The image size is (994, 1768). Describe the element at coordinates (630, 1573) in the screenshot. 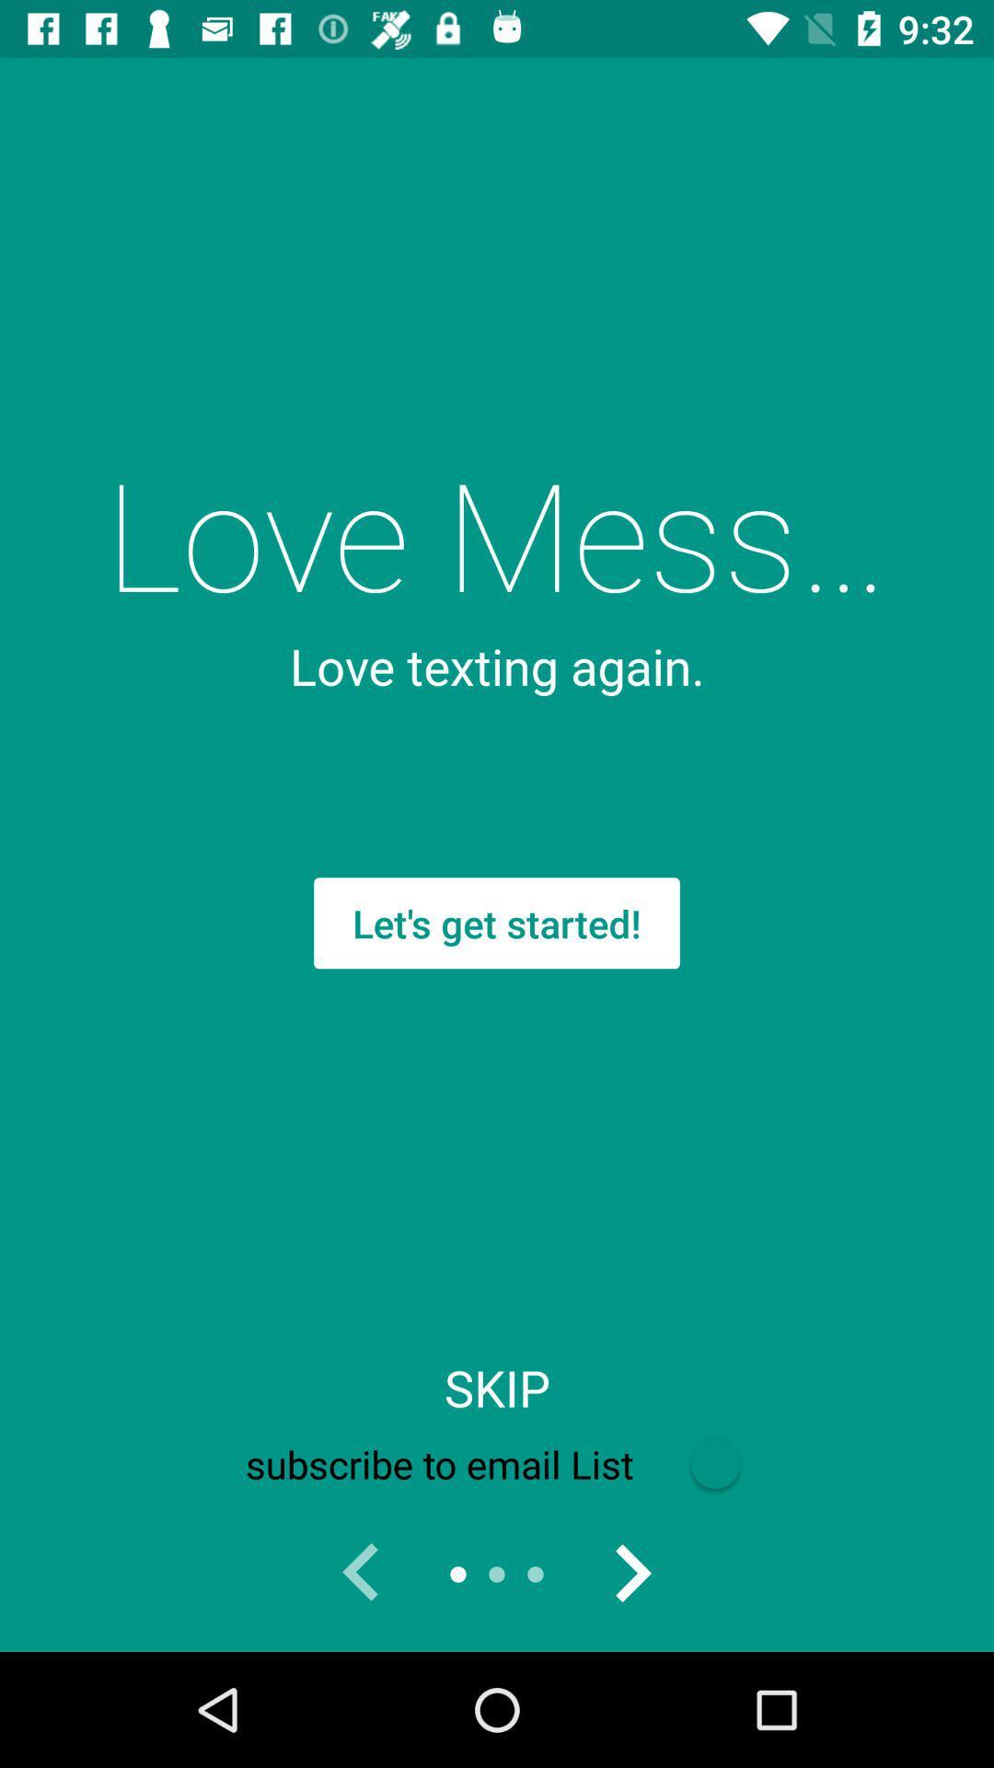

I see `icon below subscribe to email item` at that location.